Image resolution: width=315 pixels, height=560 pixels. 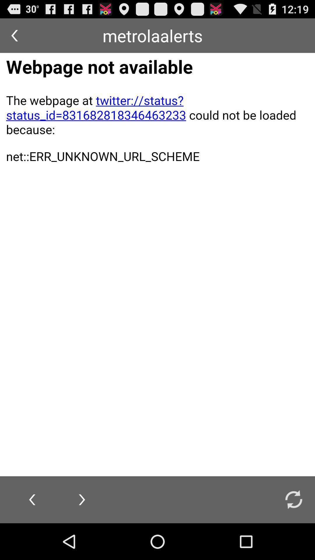 I want to click on the arrow_backward icon, so click(x=14, y=38).